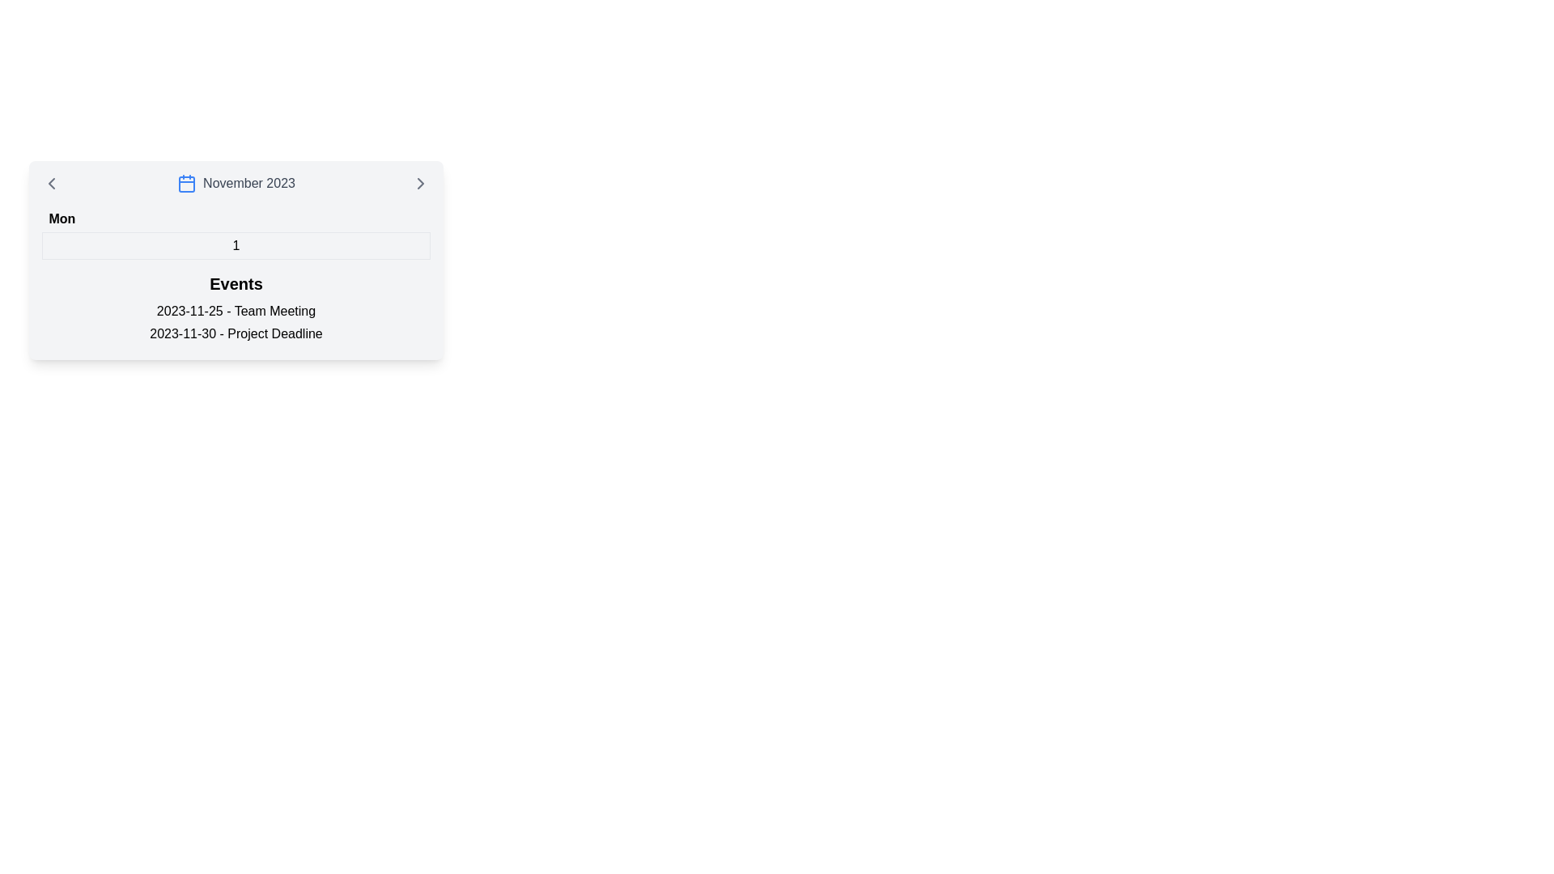 Image resolution: width=1554 pixels, height=874 pixels. What do you see at coordinates (248, 183) in the screenshot?
I see `the text label displaying the current month and year in the calendar interface, which is positioned at the top section of the date selection` at bounding box center [248, 183].